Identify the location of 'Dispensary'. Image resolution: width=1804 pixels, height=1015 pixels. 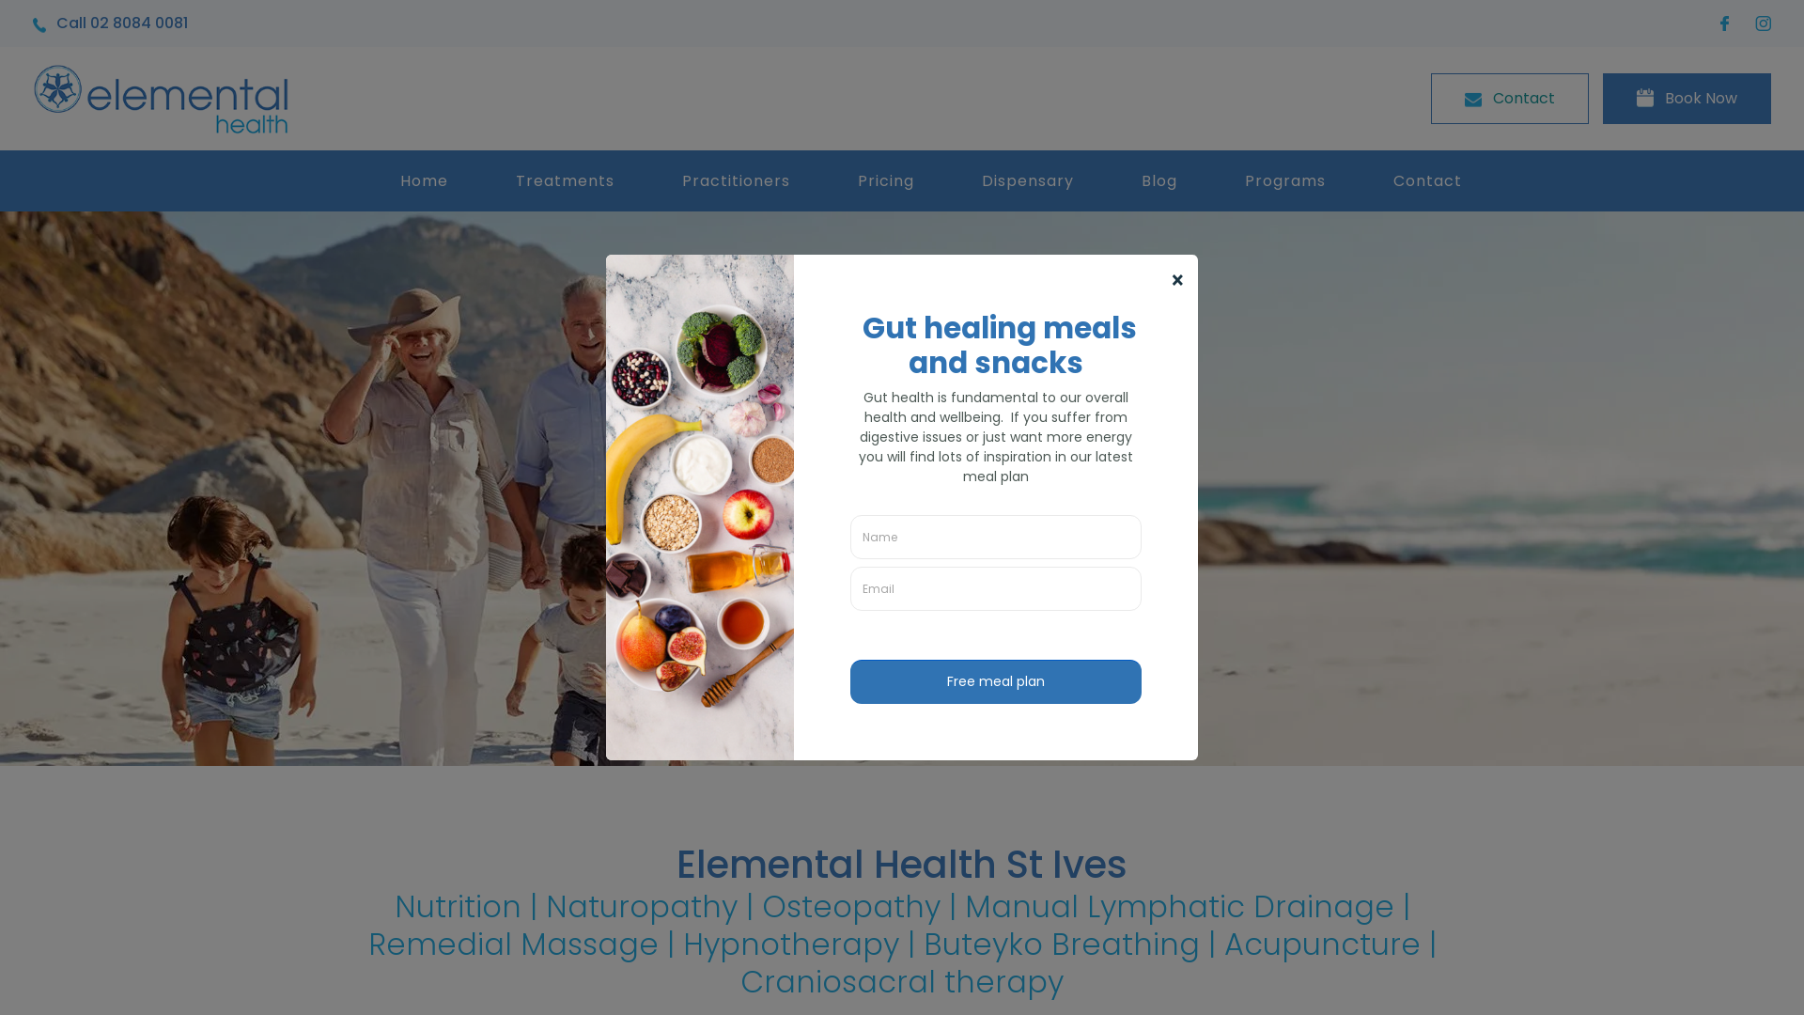
(948, 180).